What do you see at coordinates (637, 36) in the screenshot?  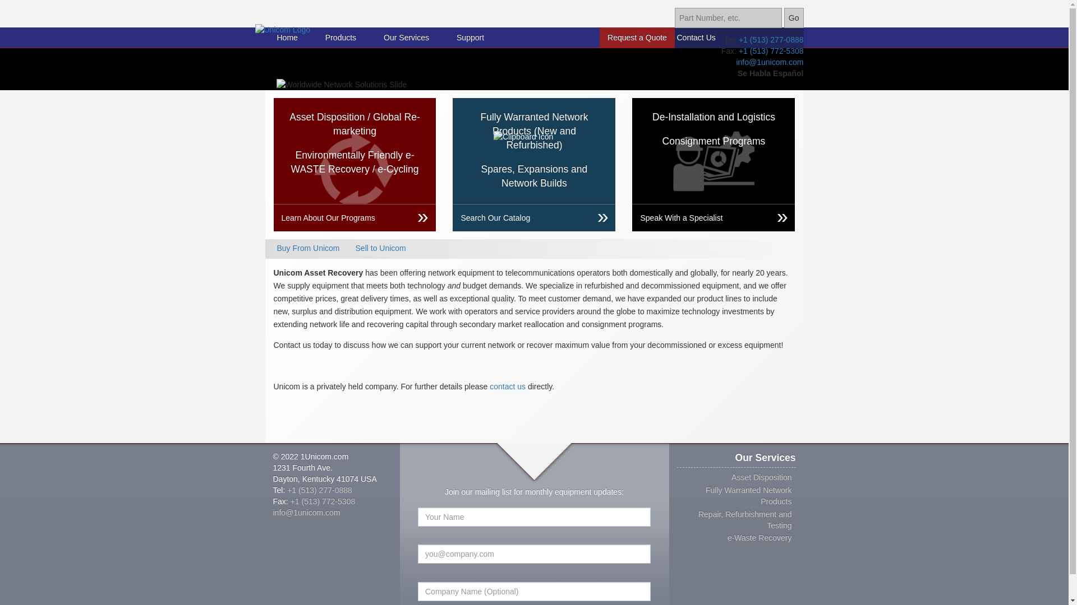 I see `'Request a Quote'` at bounding box center [637, 36].